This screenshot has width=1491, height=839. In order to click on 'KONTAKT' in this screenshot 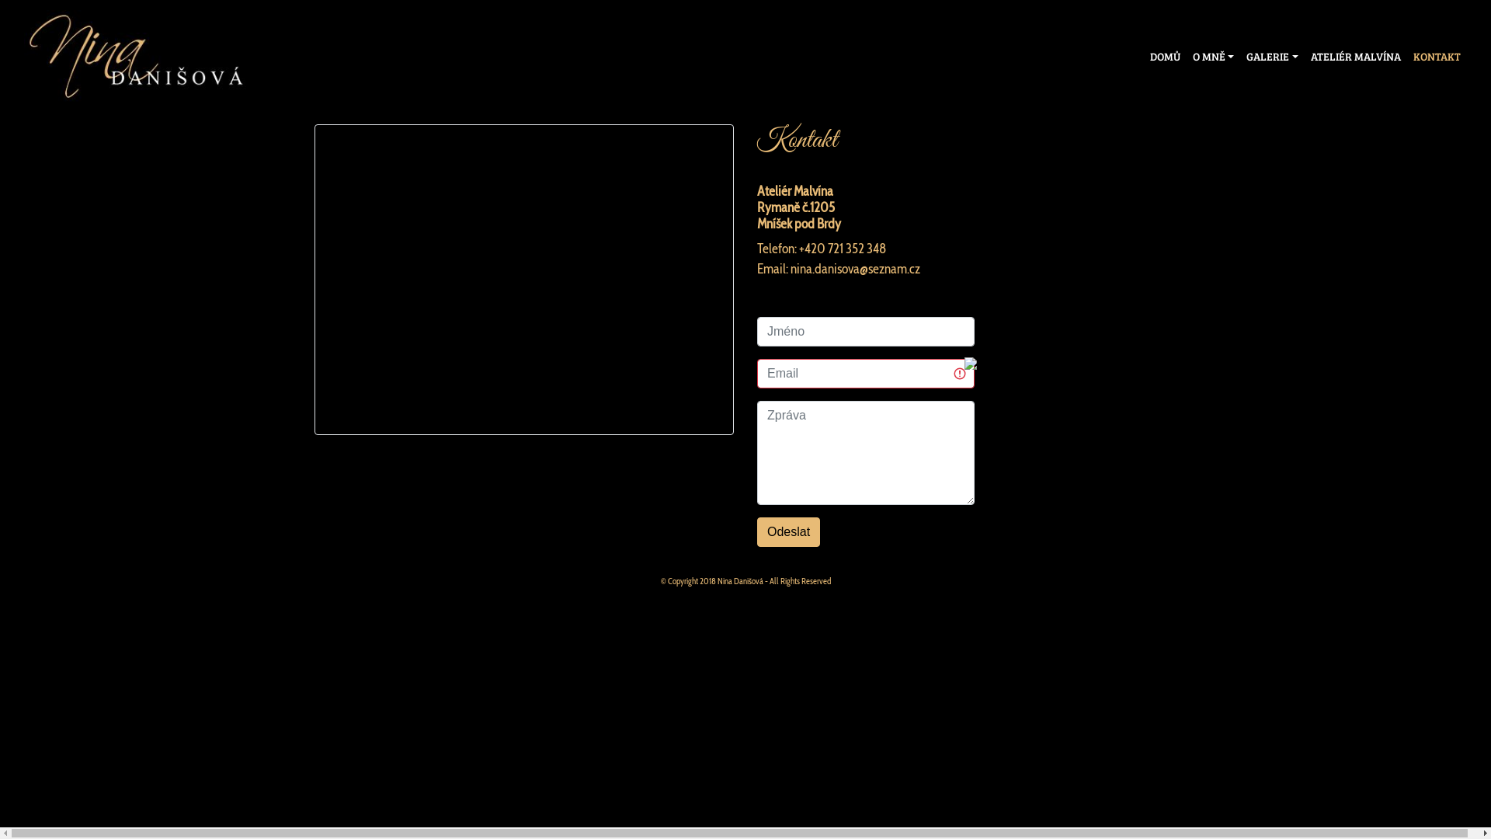, I will do `click(1436, 56)`.